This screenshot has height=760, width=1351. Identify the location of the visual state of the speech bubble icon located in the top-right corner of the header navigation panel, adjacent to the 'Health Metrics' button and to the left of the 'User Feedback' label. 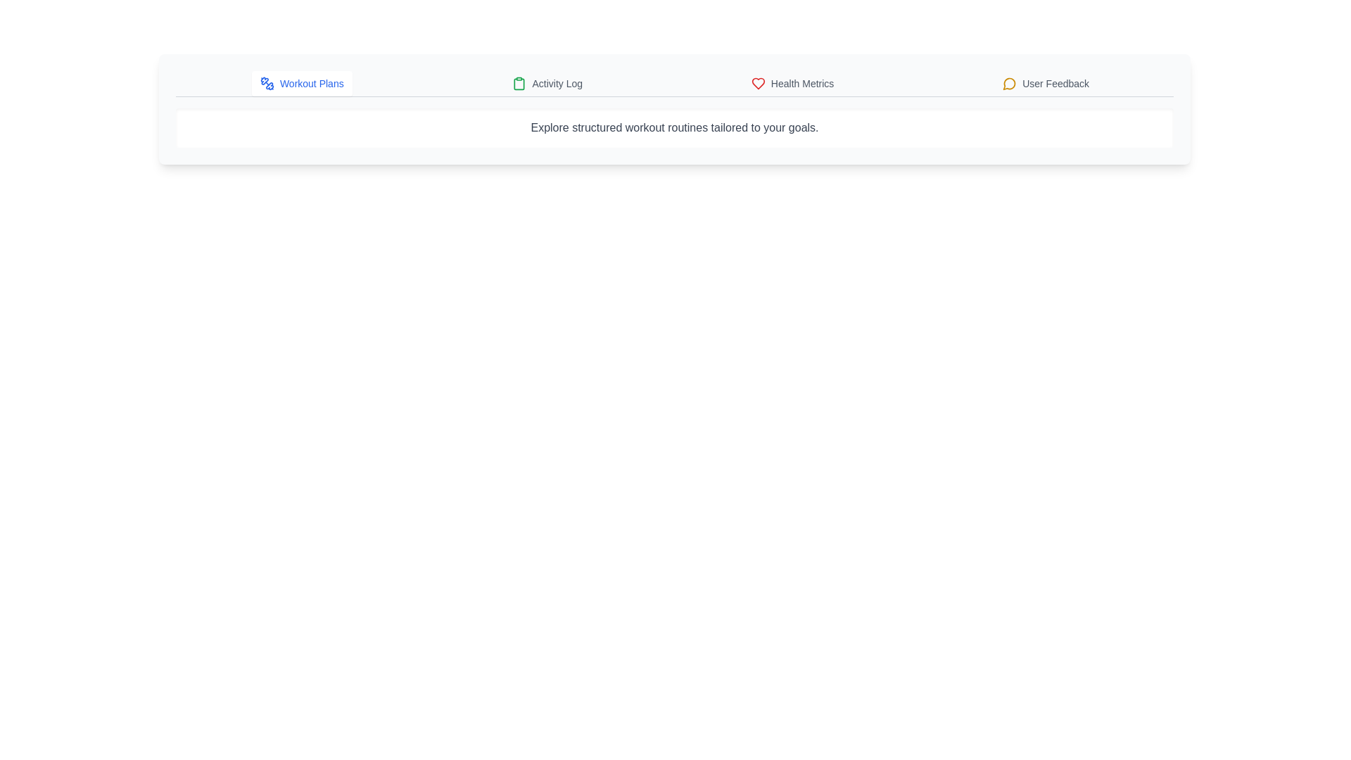
(1009, 84).